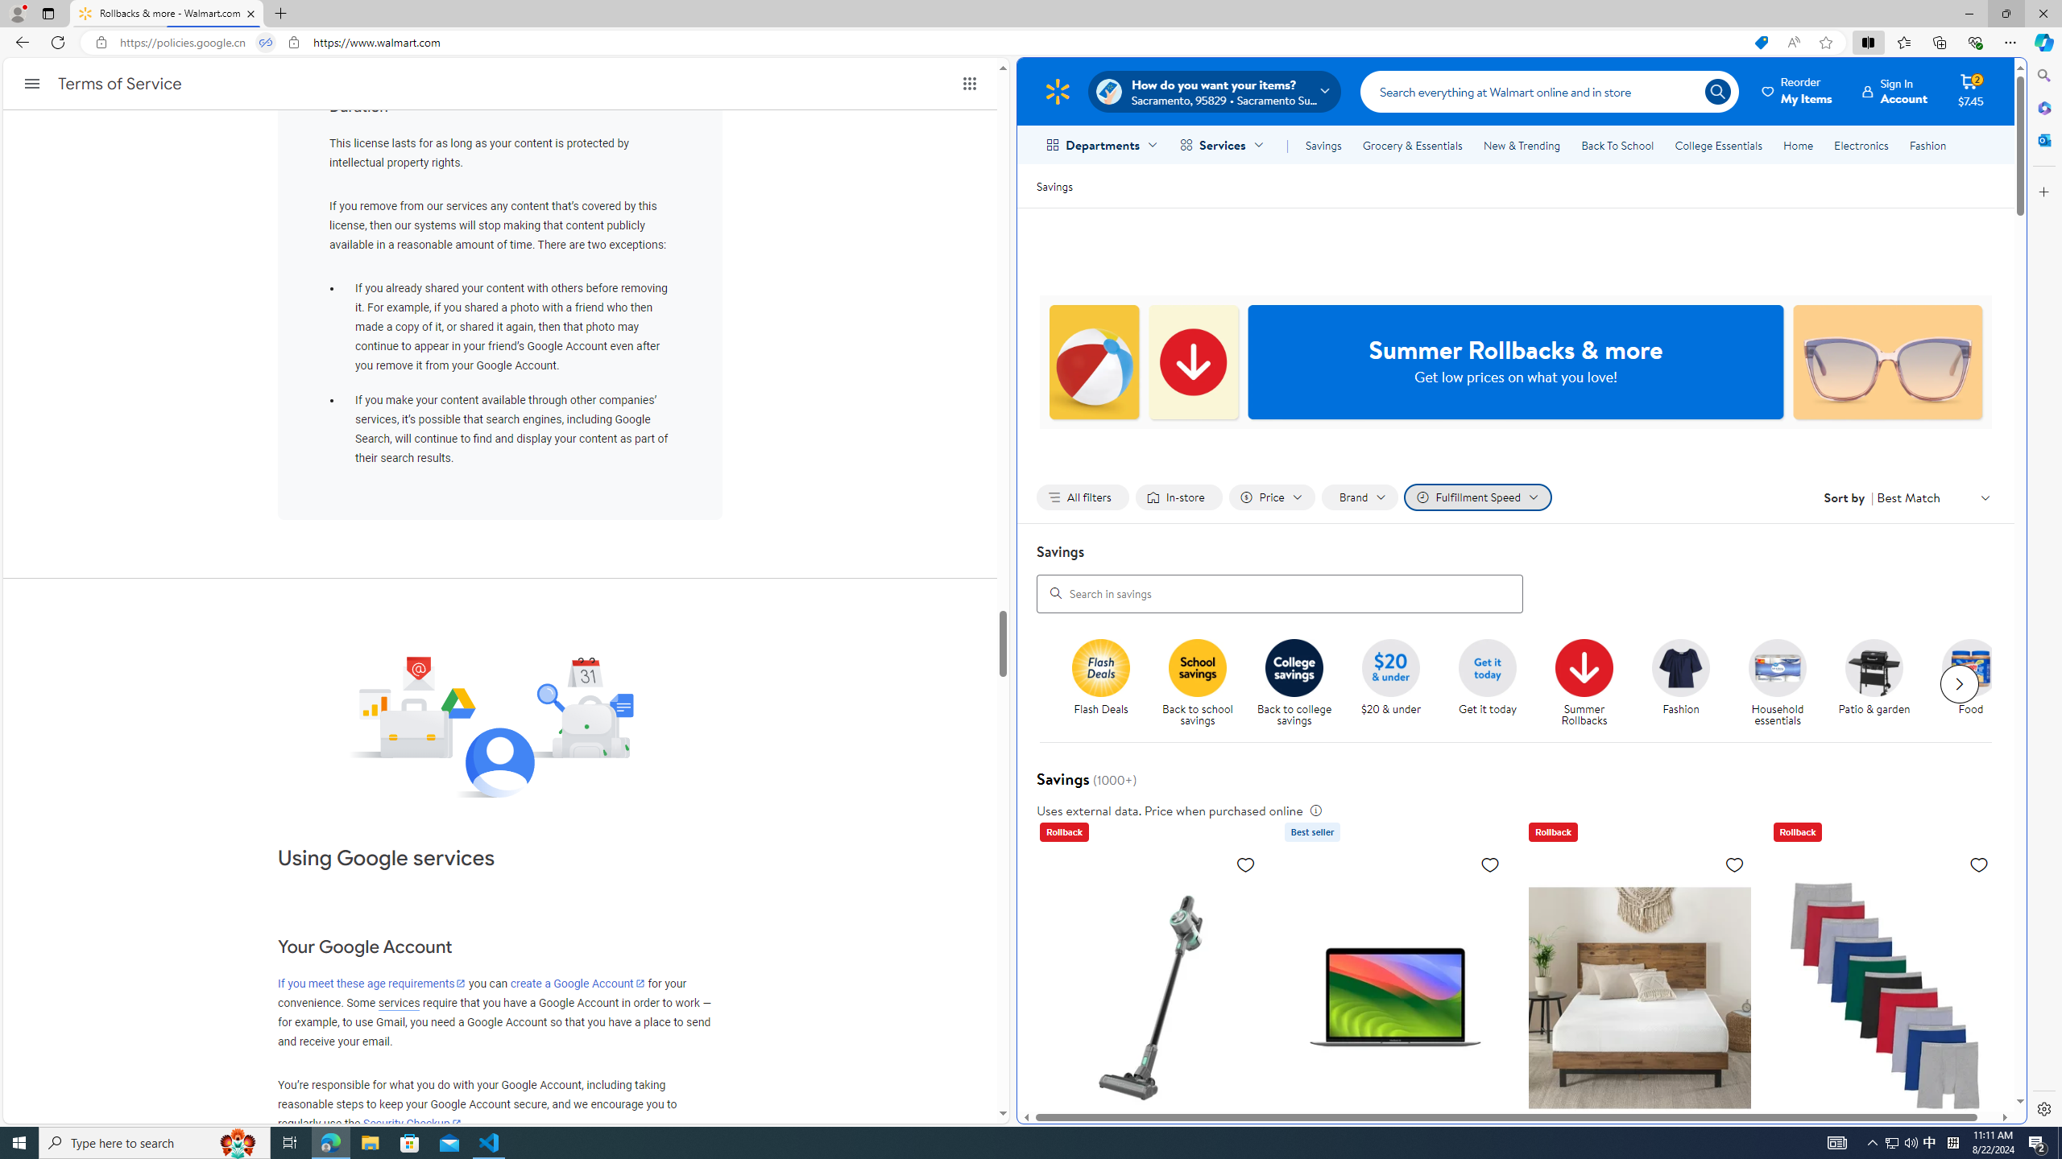  I want to click on 'Back to school savings', so click(1204, 683).